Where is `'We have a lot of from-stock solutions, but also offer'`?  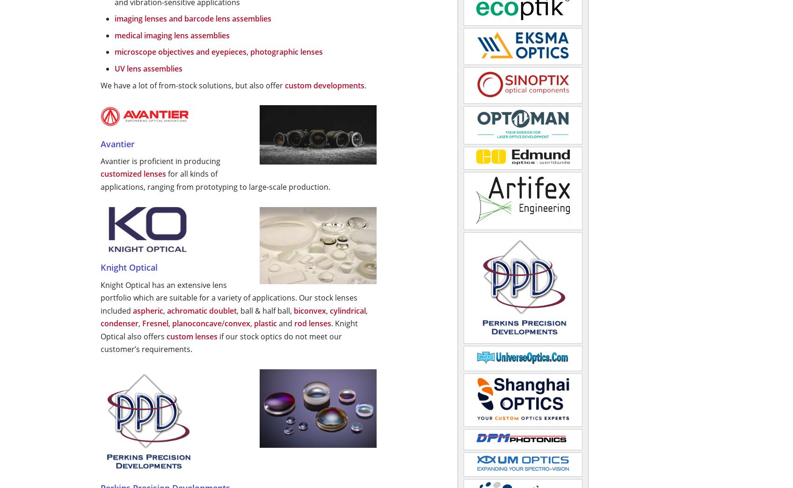
'We have a lot of from-stock solutions, but also offer' is located at coordinates (193, 84).